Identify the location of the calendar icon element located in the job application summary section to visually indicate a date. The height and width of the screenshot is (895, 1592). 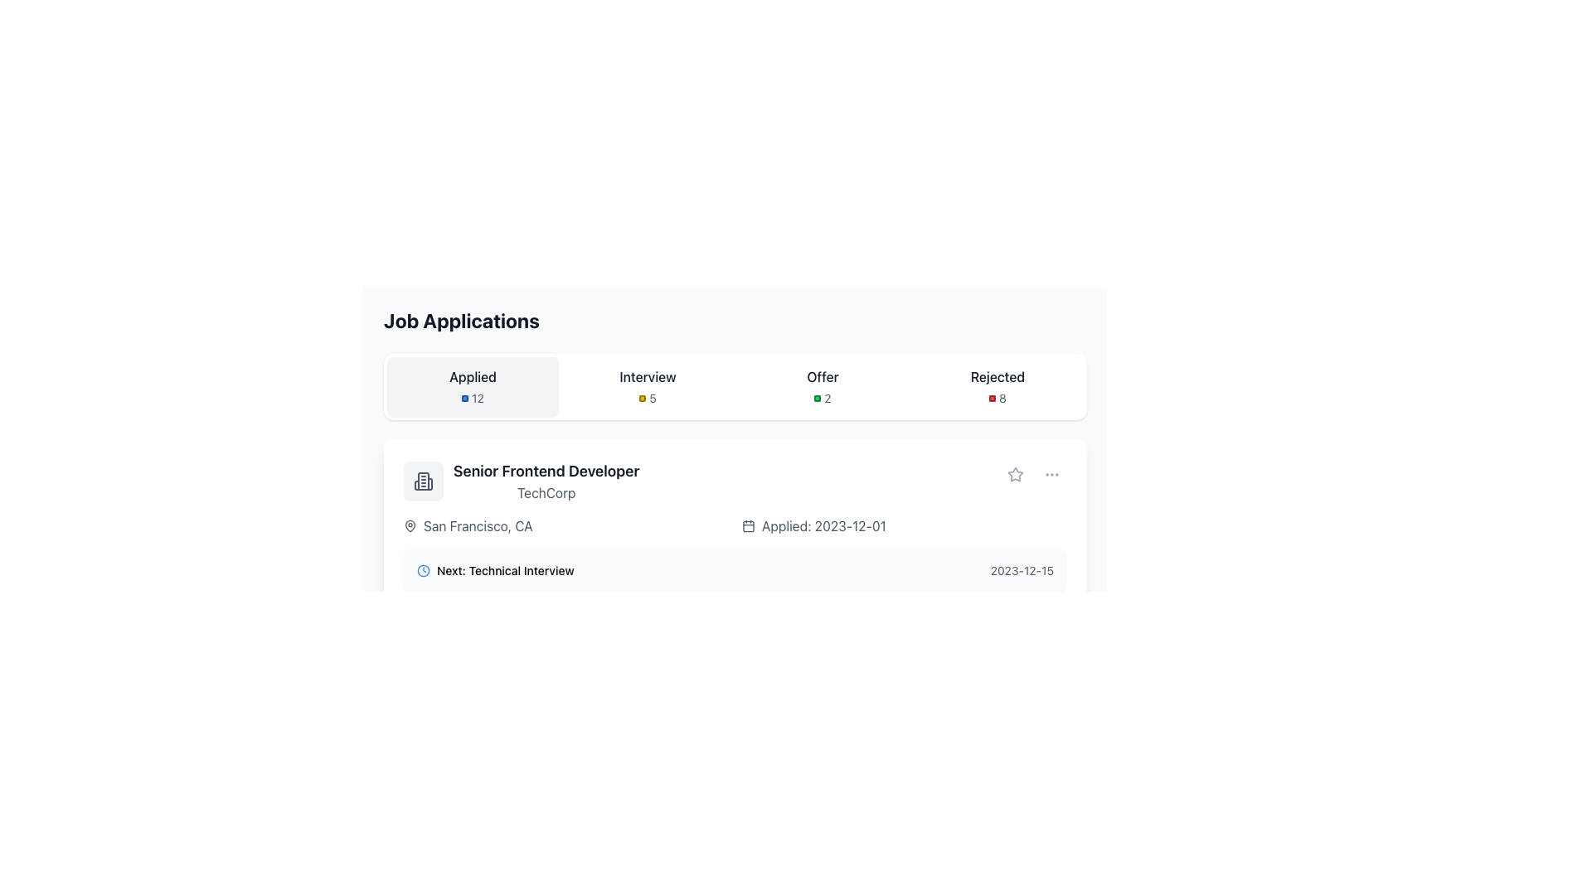
(747, 526).